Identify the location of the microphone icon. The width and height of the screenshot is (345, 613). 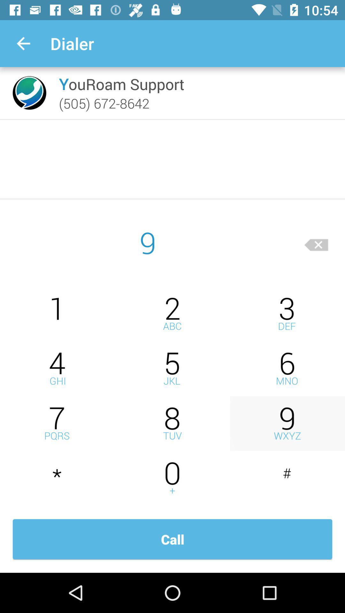
(287, 423).